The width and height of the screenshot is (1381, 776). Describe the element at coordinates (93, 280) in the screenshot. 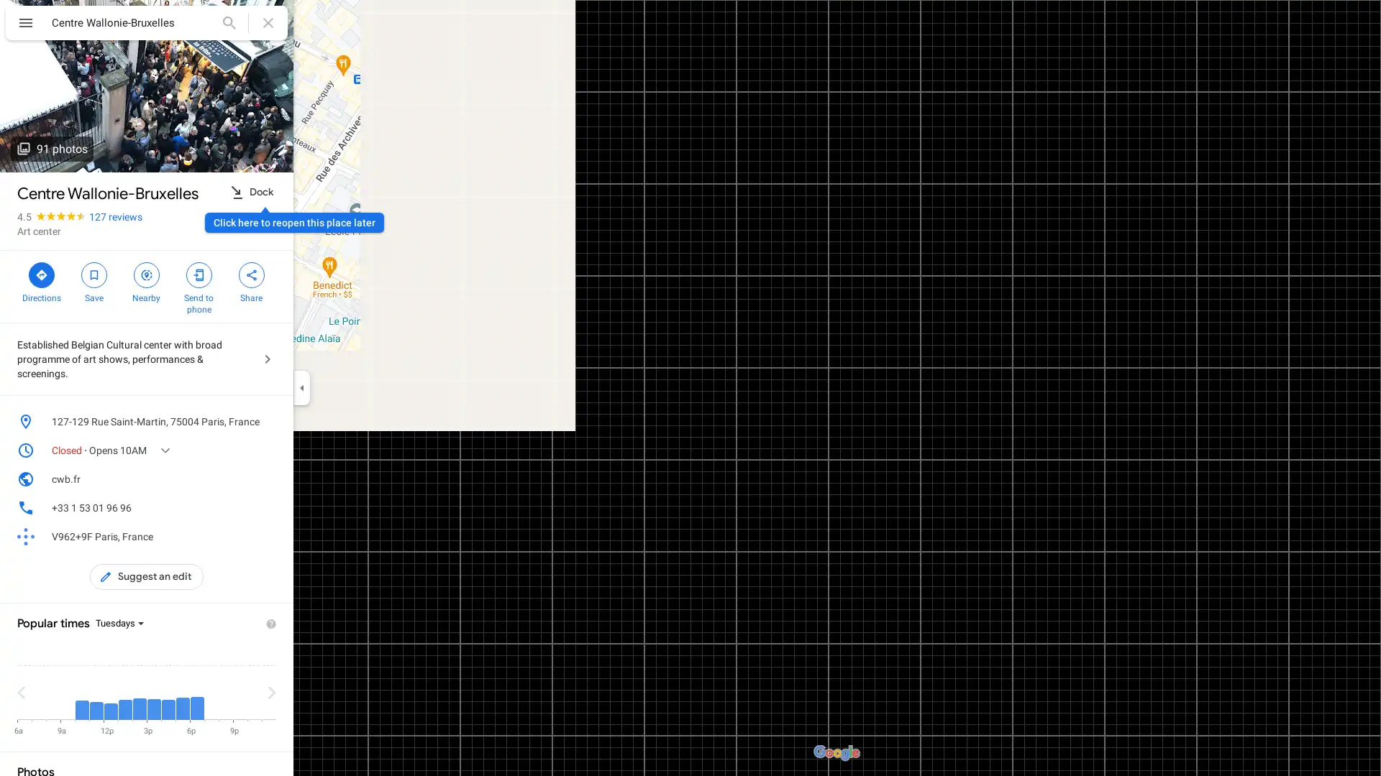

I see `Save Centre Wallonie-Bruxelles in your lists` at that location.